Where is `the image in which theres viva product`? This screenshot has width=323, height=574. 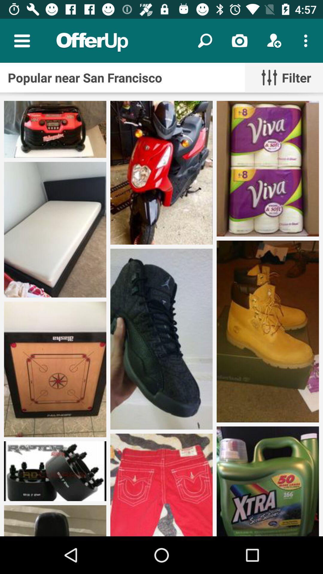 the image in which theres viva product is located at coordinates (267, 168).